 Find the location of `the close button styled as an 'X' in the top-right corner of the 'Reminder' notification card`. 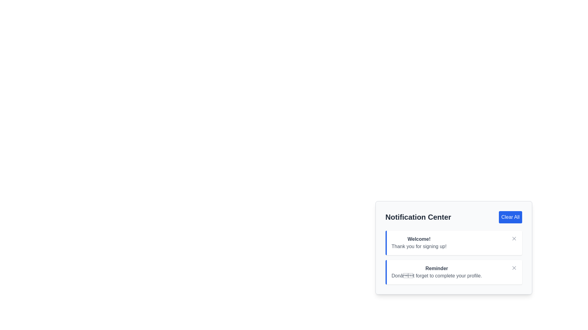

the close button styled as an 'X' in the top-right corner of the 'Reminder' notification card is located at coordinates (514, 267).